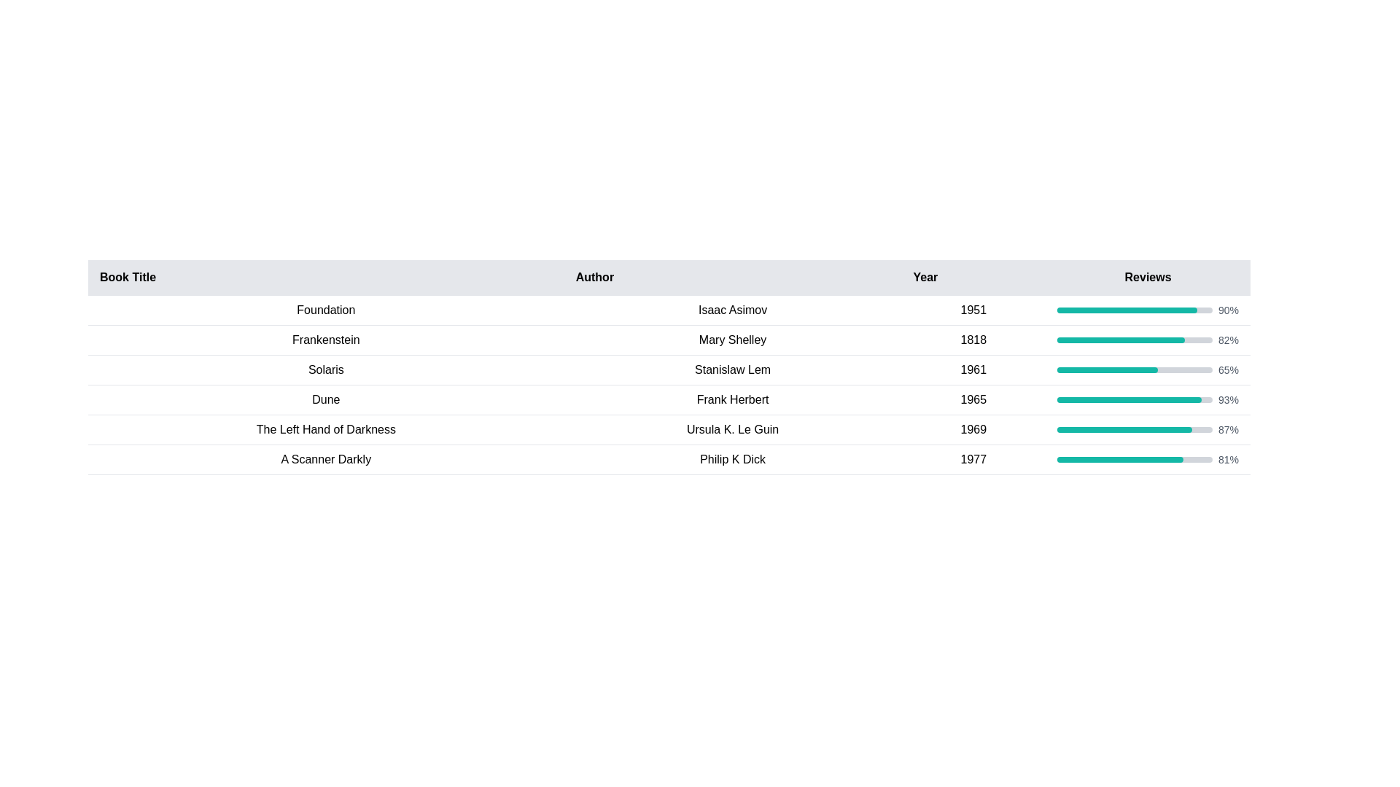  I want to click on the progress bar indicating 87% completion for the book 'The Left Hand of Darkness' by Ursula K. Le Guin in the Reviews column, so click(1147, 429).